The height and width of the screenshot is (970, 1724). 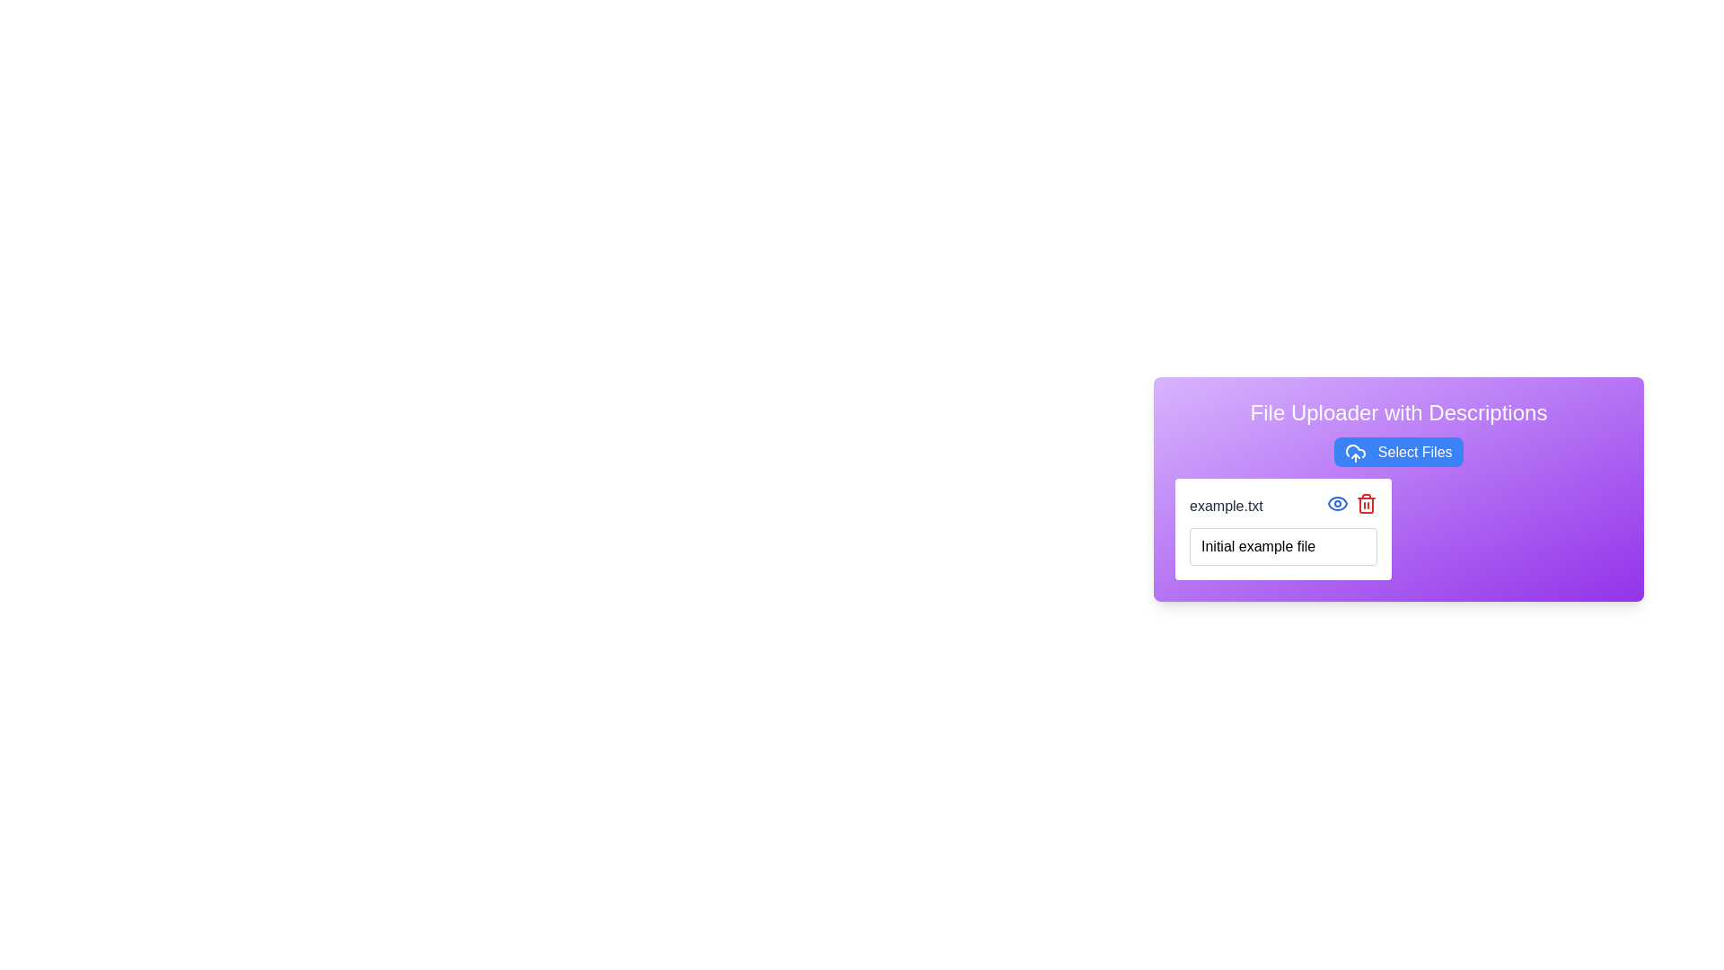 What do you see at coordinates (1398, 451) in the screenshot?
I see `the rounded blue button labeled 'Select Files' with an upload cloud icon` at bounding box center [1398, 451].